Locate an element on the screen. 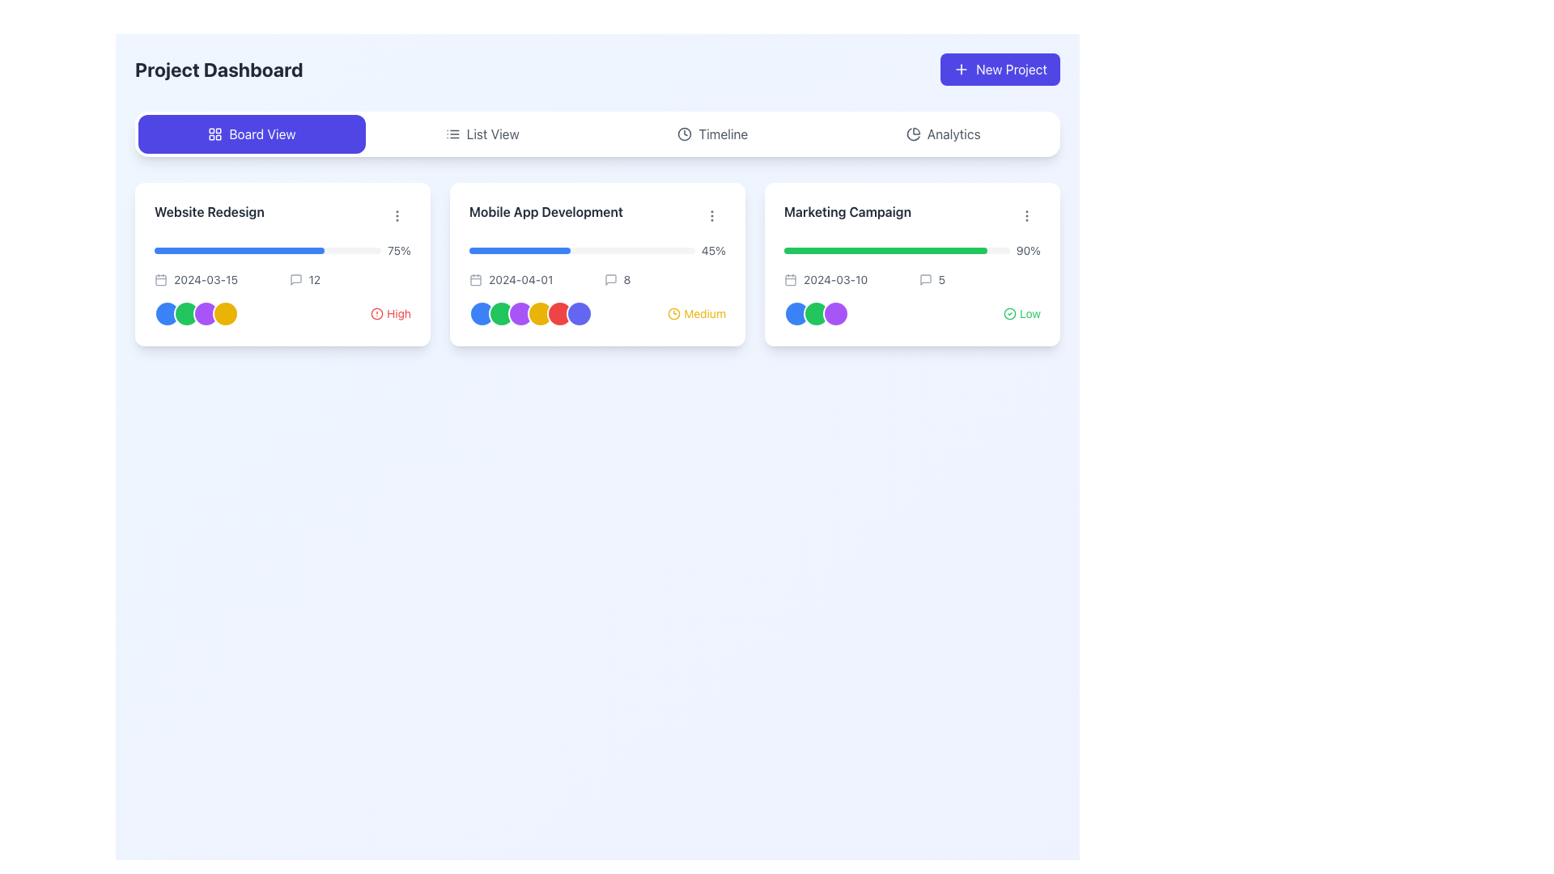  the progress percentage text label located on the right side of the progress bar within the 'Mobile App Development' card is located at coordinates (712, 250).